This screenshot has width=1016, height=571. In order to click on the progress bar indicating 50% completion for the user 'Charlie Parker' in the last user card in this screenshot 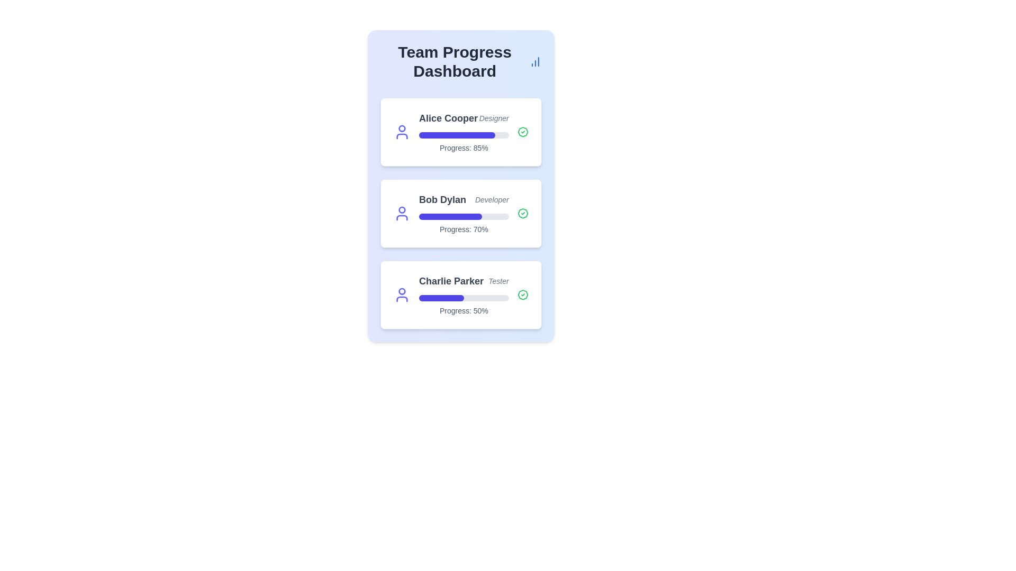, I will do `click(464, 298)`.